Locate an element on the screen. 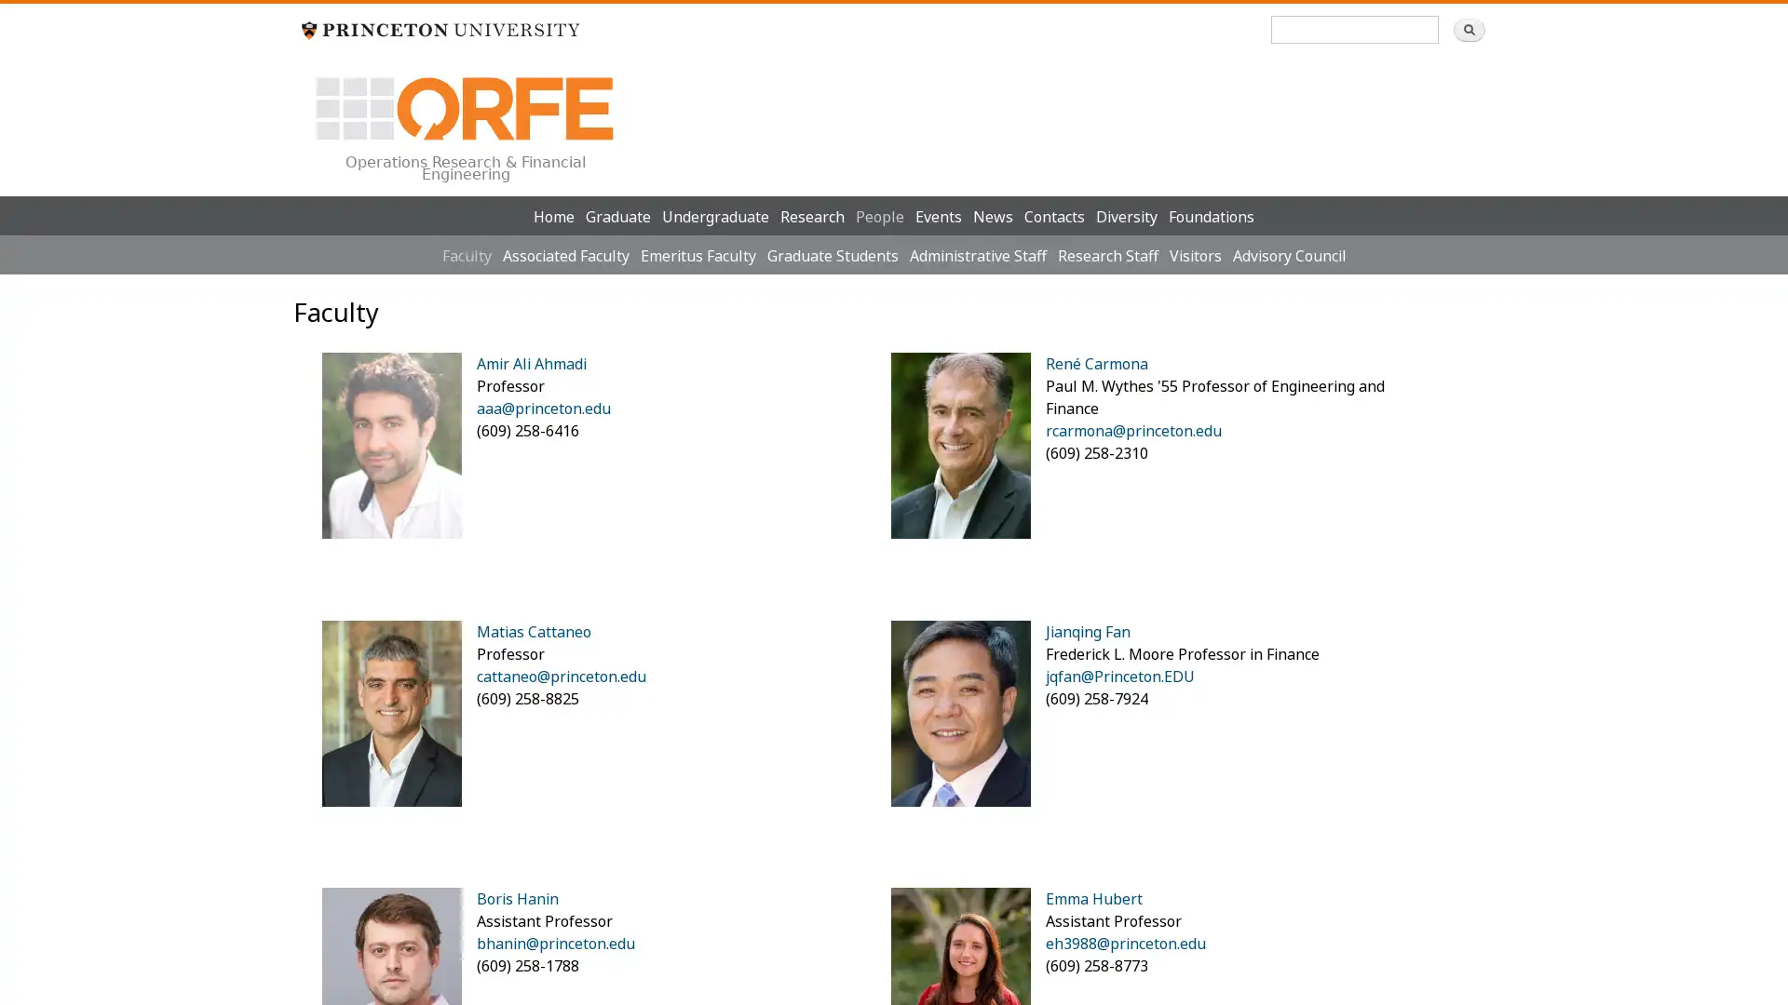  Search is located at coordinates (1469, 30).